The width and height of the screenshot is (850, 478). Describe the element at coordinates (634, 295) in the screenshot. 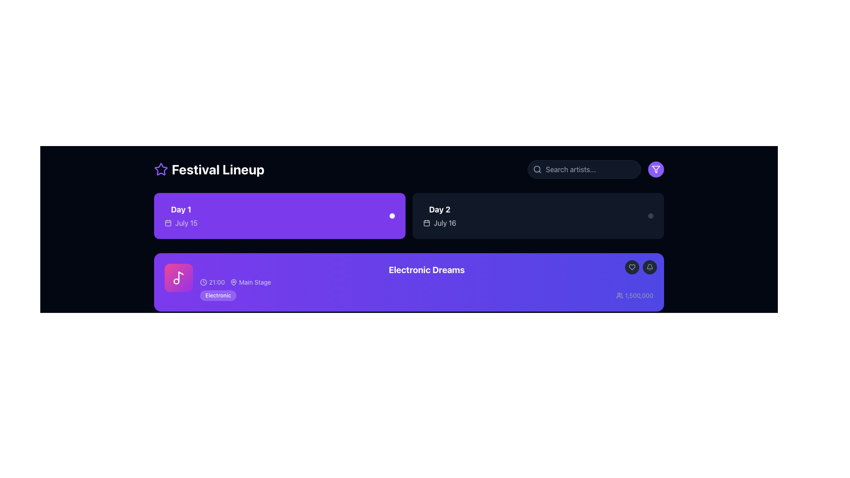

I see `the text with accompanying icon display indicating the number of users or attendees, located in the bottom-right corner of the purple card labeled 'Electronic Dreams'` at that location.